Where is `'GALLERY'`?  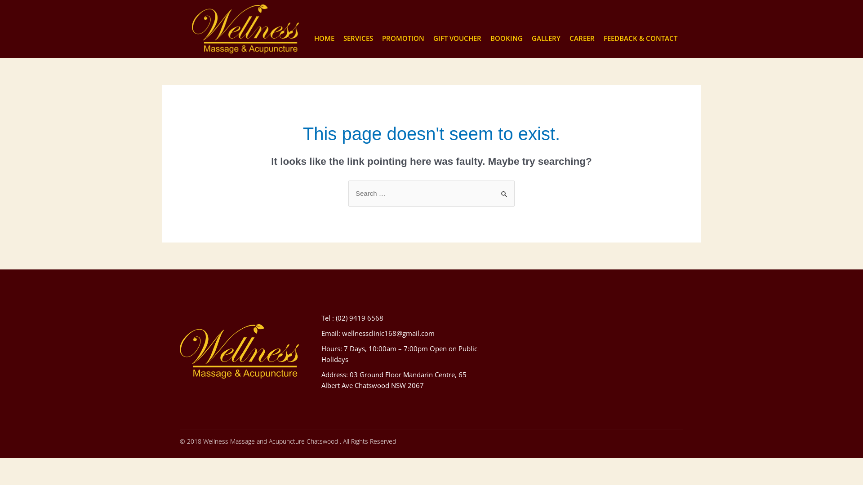
'GALLERY' is located at coordinates (545, 37).